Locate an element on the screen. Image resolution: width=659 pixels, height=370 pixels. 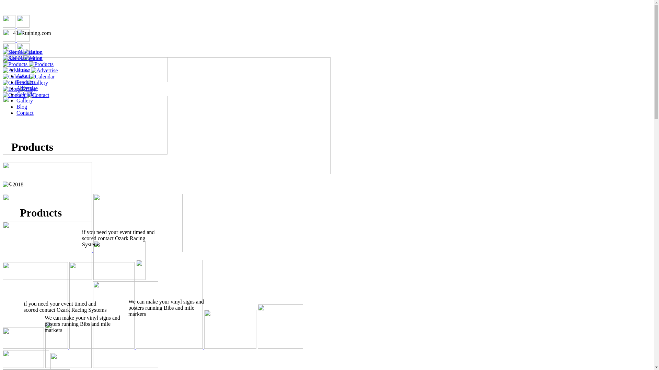
'Home' is located at coordinates (23, 70).